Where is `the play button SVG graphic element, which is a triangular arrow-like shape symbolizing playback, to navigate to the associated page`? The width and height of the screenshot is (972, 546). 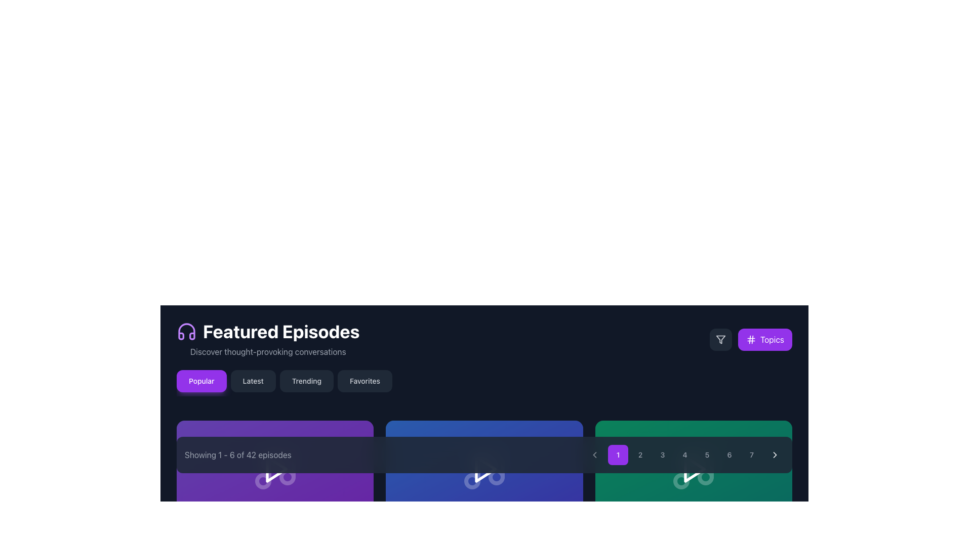
the play button SVG graphic element, which is a triangular arrow-like shape symbolizing playback, to navigate to the associated page is located at coordinates (694, 469).